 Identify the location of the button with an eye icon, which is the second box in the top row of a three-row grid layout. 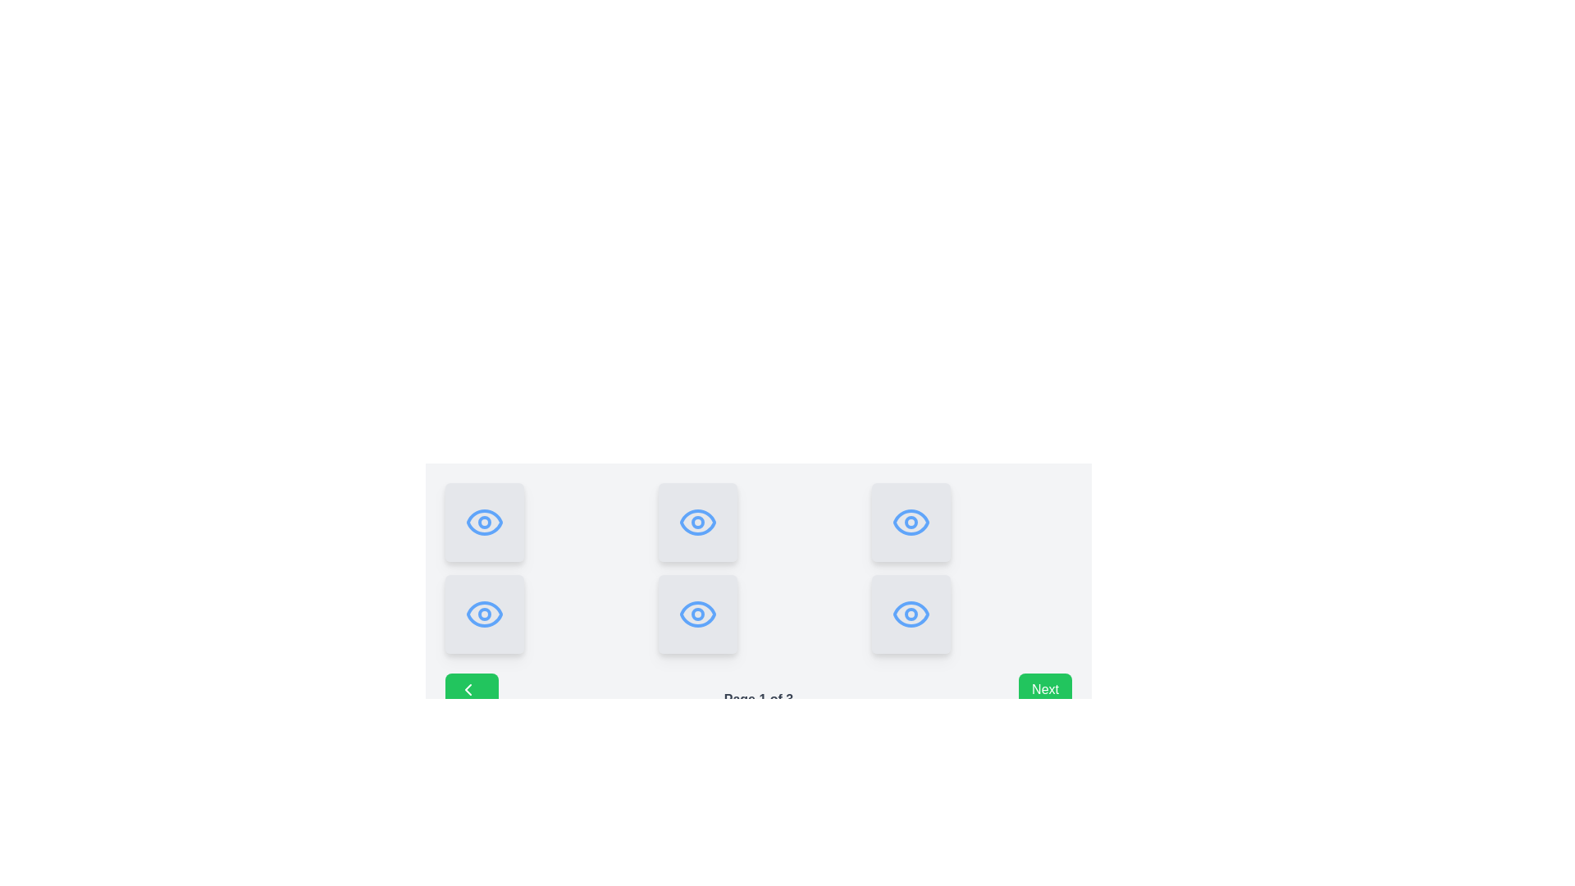
(697, 522).